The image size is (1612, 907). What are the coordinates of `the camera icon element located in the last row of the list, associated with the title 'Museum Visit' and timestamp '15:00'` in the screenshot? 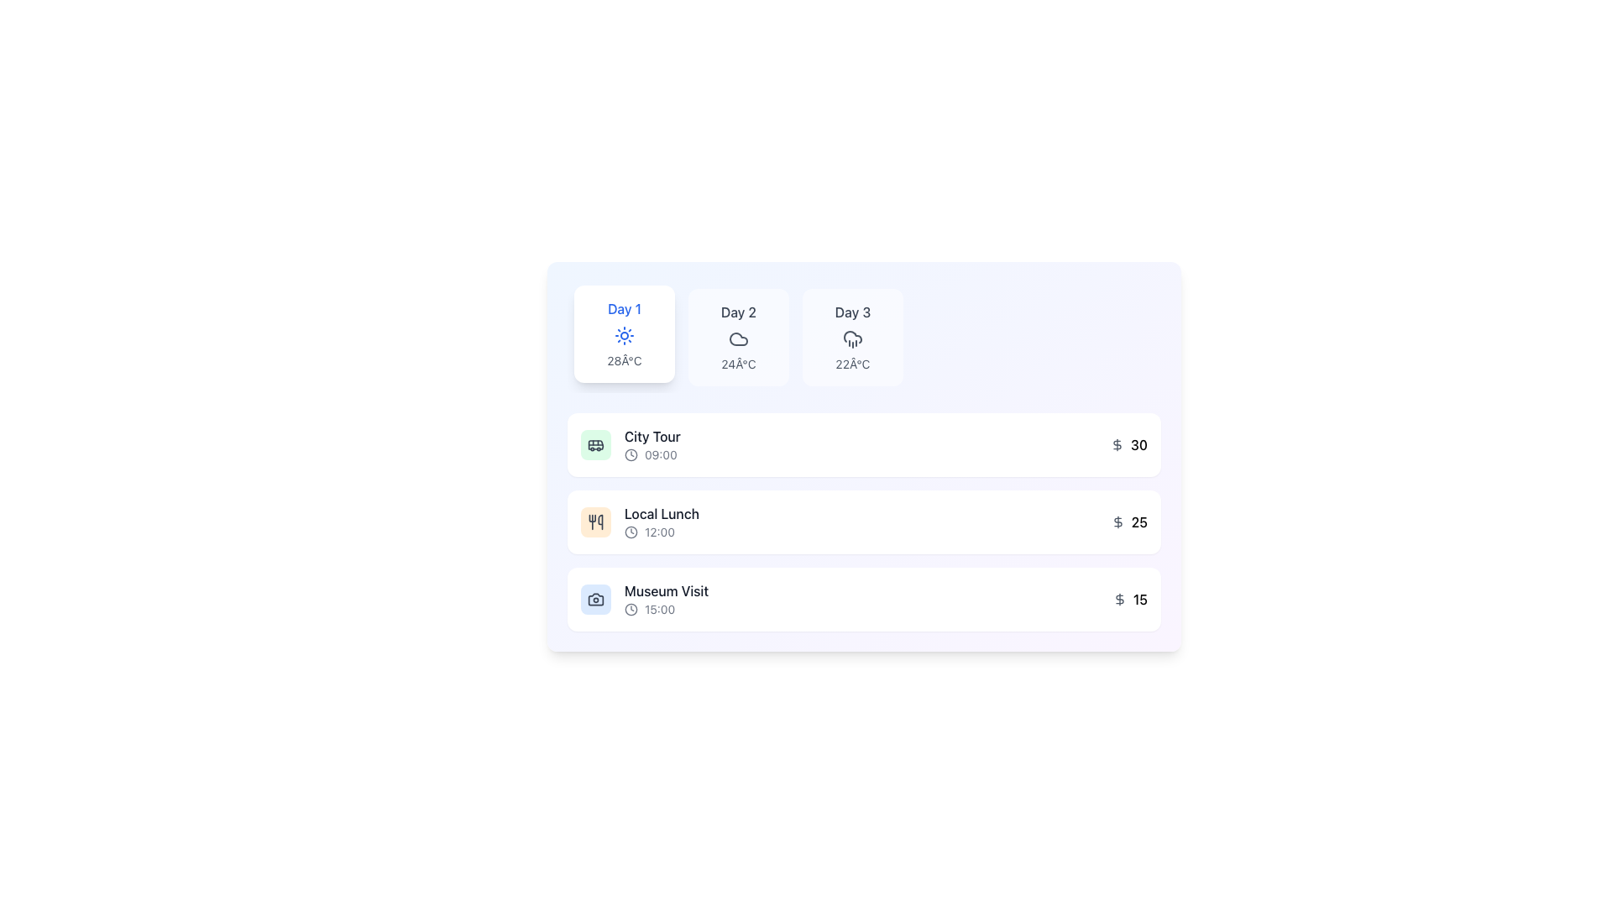 It's located at (596, 598).